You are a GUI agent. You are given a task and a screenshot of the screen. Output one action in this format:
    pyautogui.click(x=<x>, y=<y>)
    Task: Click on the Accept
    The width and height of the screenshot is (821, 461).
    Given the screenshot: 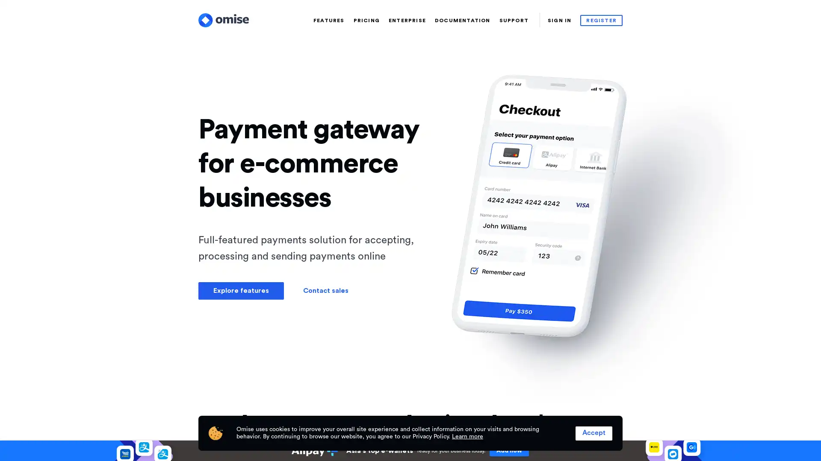 What is the action you would take?
    pyautogui.click(x=593, y=433)
    